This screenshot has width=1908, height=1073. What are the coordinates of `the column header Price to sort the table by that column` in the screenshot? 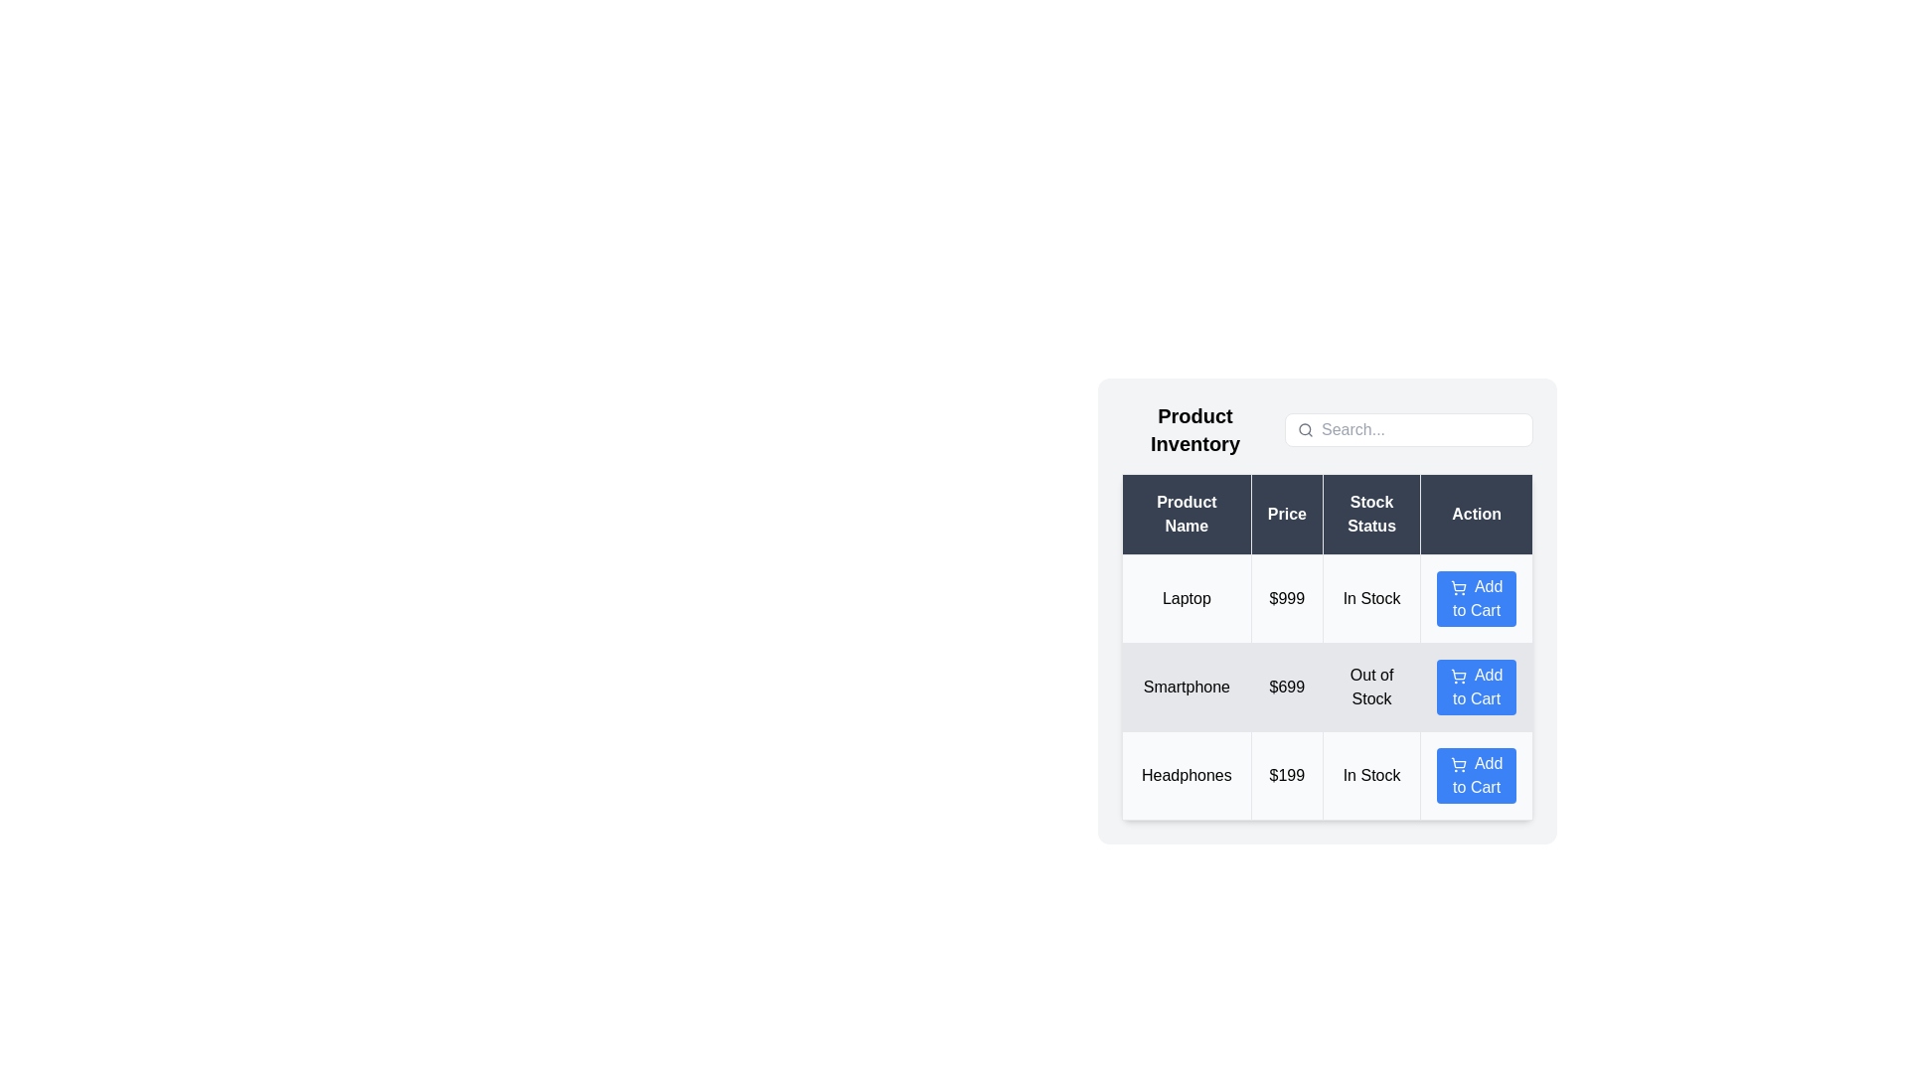 It's located at (1287, 513).